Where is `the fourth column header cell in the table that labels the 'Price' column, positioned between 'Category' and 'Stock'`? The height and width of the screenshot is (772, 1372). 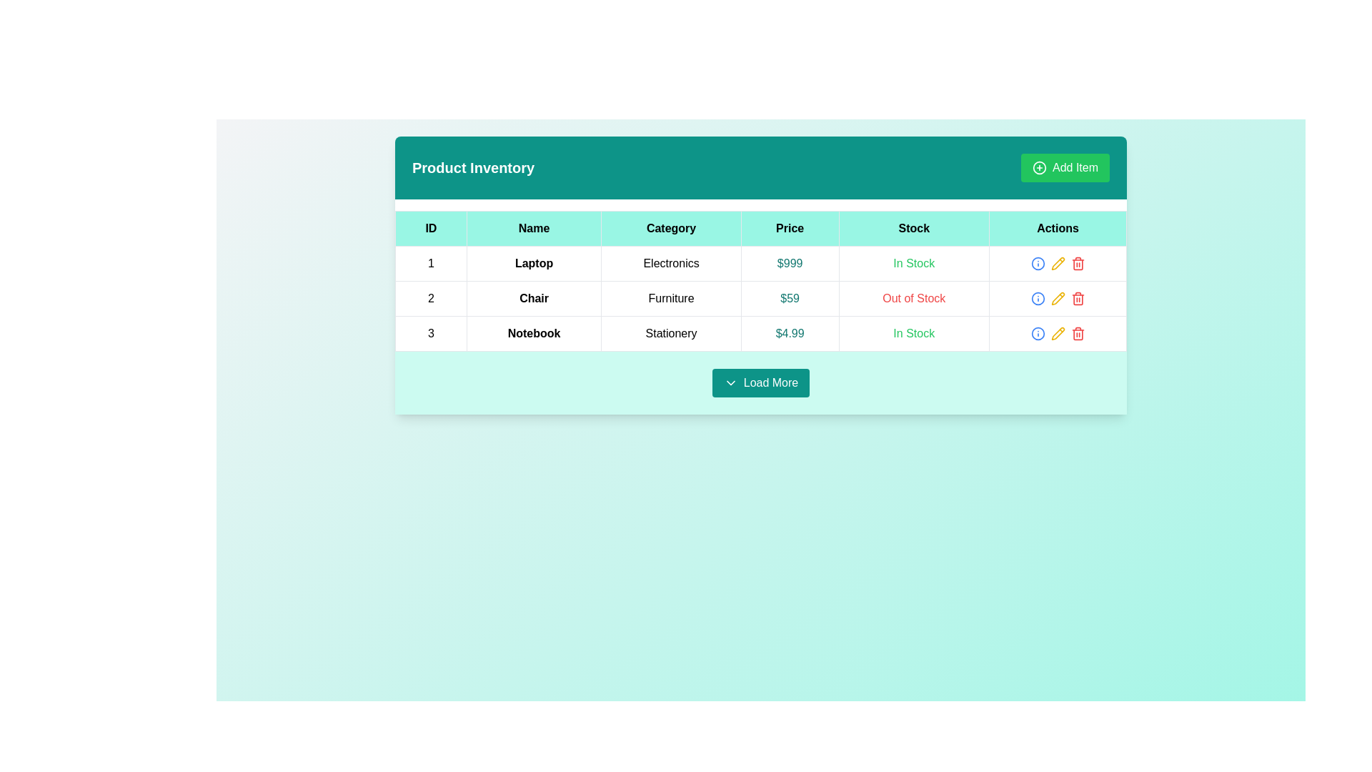 the fourth column header cell in the table that labels the 'Price' column, positioned between 'Category' and 'Stock' is located at coordinates (789, 228).